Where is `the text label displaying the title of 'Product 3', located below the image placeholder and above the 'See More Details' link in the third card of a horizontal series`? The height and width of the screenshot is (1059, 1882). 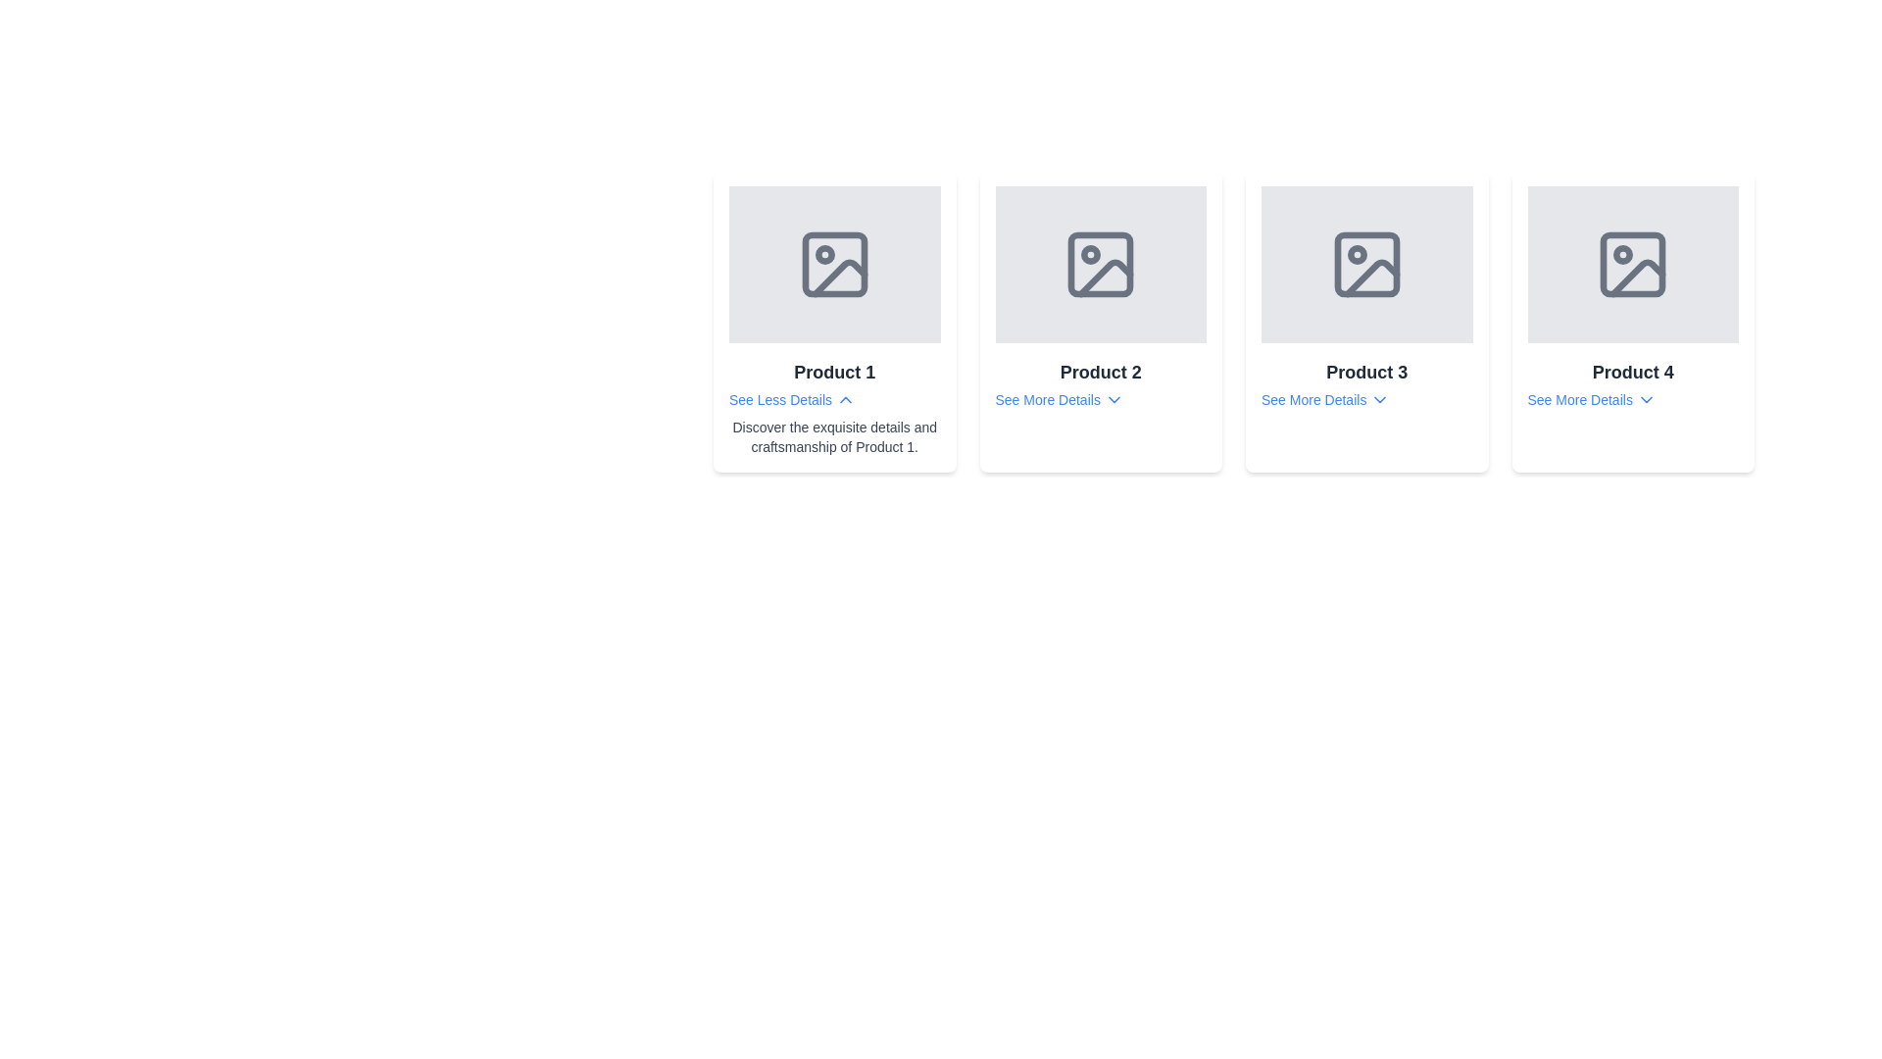 the text label displaying the title of 'Product 3', located below the image placeholder and above the 'See More Details' link in the third card of a horizontal series is located at coordinates (1365, 373).